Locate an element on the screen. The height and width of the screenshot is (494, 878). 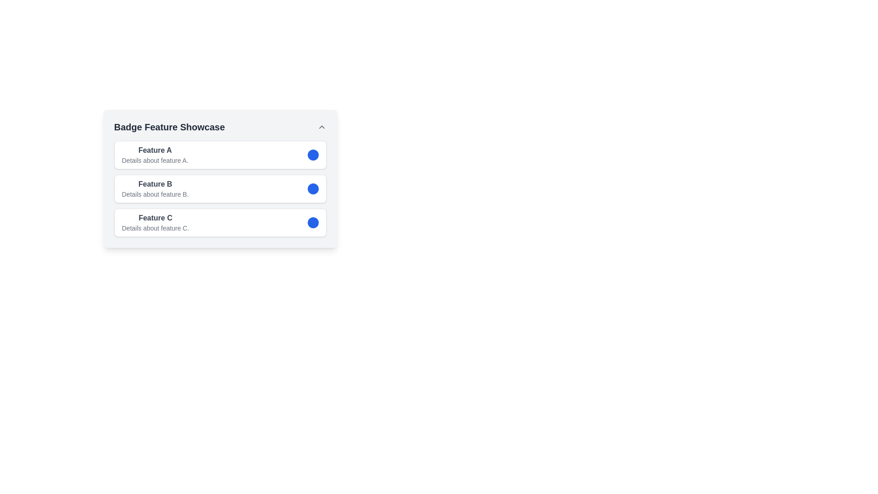
the descriptive text element that provides supplementary information about 'Feature C' located under its header title in the 'Badge Feature Showcase' card section is located at coordinates (155, 227).